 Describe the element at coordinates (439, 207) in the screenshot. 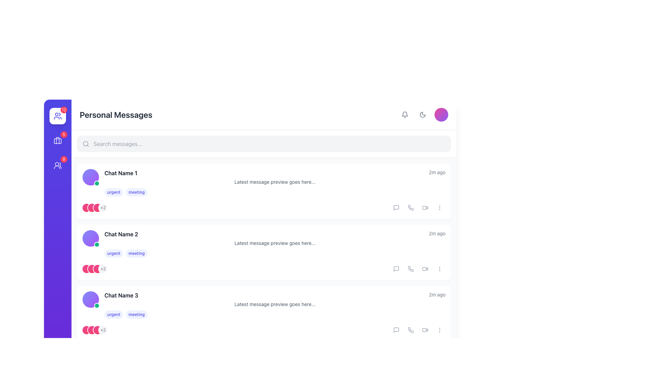

I see `the interactive vertical ellipsis icon located at the far-right side of the row` at that location.